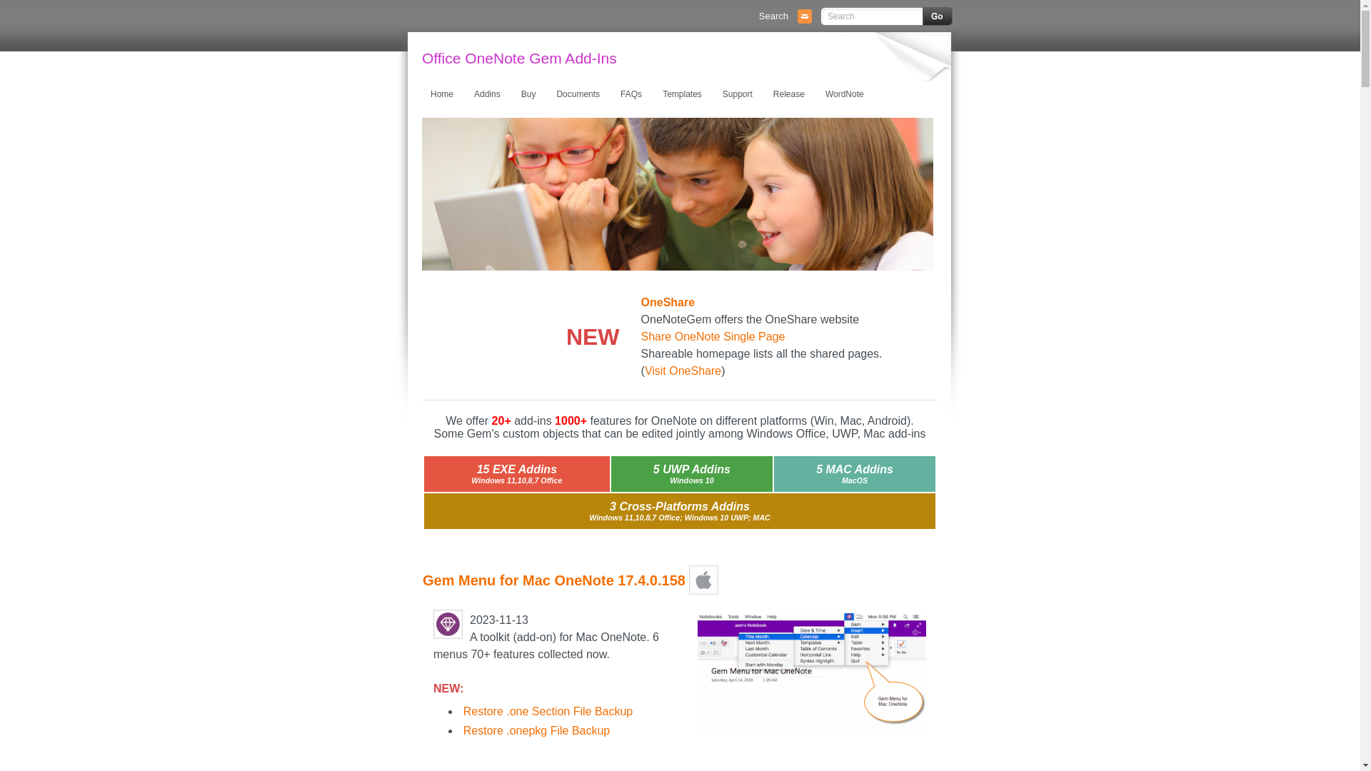  Describe the element at coordinates (763, 94) in the screenshot. I see `'Release'` at that location.